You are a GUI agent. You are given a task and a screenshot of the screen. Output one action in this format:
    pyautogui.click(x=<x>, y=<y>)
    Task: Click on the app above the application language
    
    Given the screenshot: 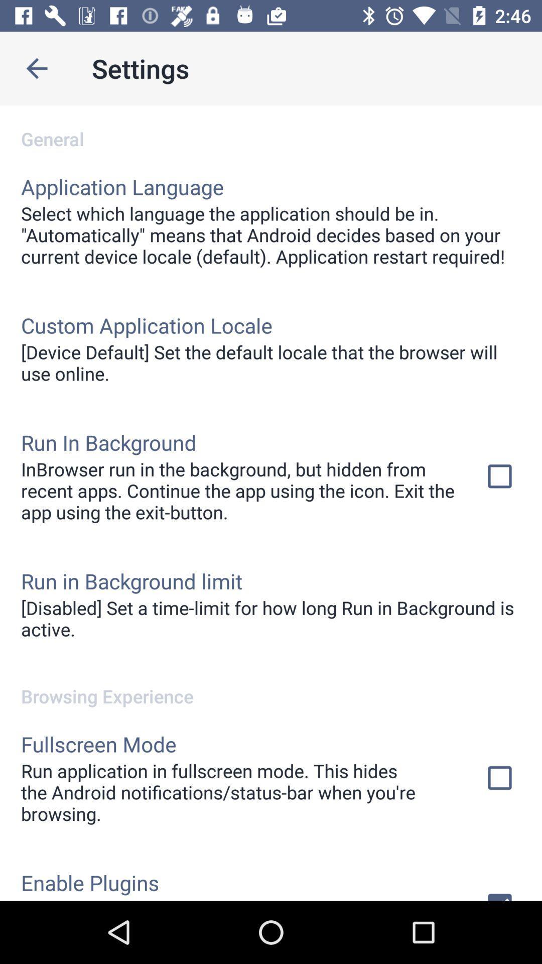 What is the action you would take?
    pyautogui.click(x=271, y=128)
    